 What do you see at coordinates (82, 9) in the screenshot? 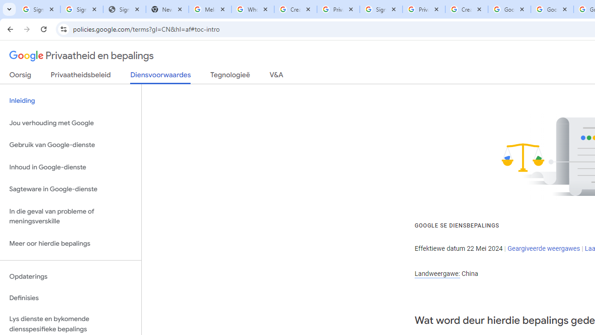
I see `'Sign in - Google Accounts'` at bounding box center [82, 9].